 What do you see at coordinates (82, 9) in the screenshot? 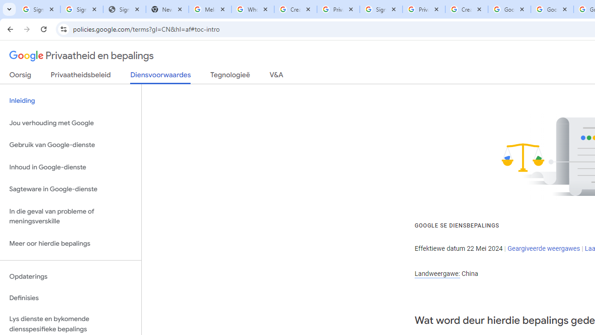
I see `'Sign in - Google Accounts'` at bounding box center [82, 9].